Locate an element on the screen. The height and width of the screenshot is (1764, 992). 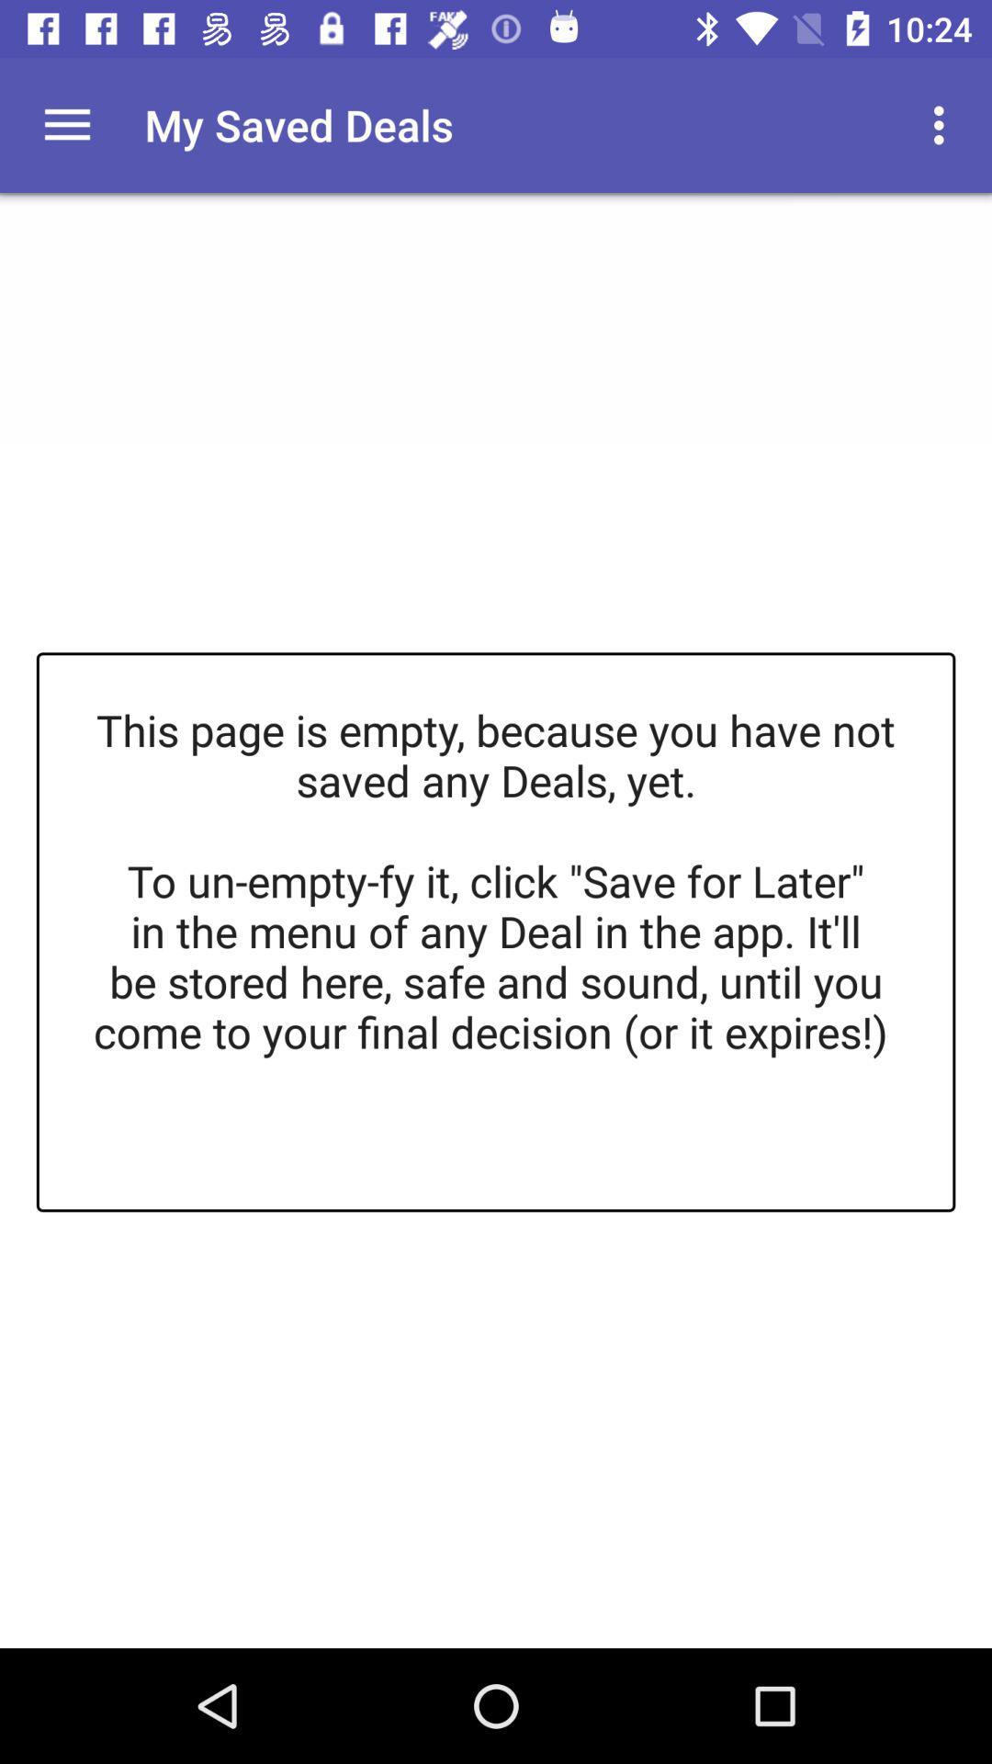
hide or display hamburger menu is located at coordinates (66, 124).